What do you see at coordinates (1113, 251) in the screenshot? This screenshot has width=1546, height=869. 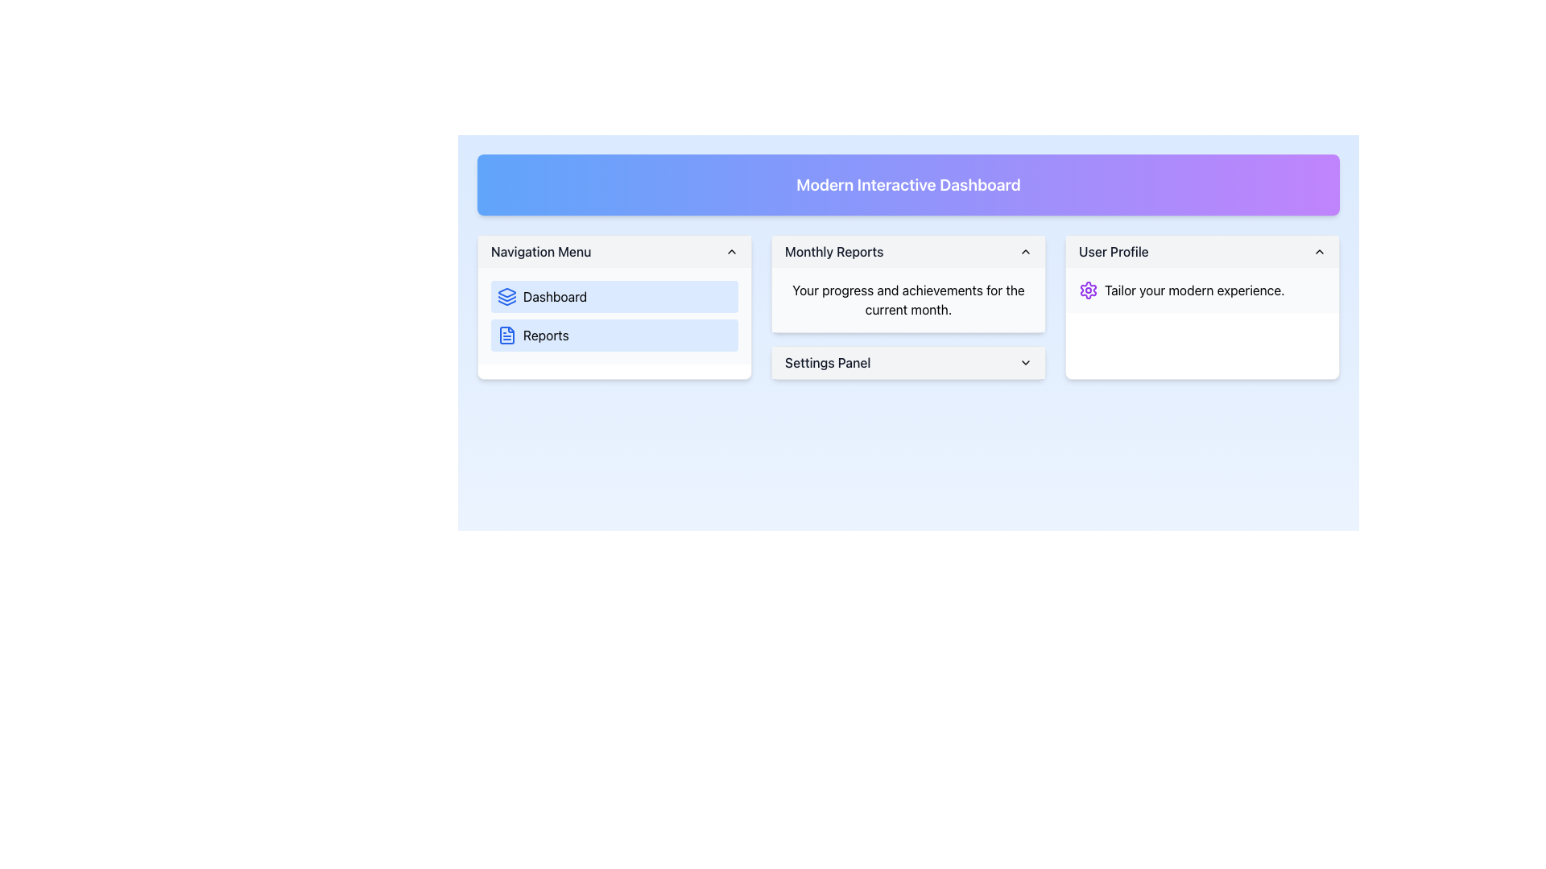 I see `text label that serves as the heading for the 'User Profile' section located in the top right corner of the dashboard within the 'User Profile' card` at bounding box center [1113, 251].